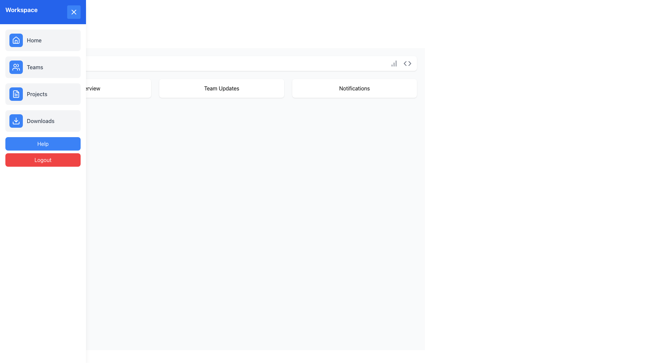 Image resolution: width=645 pixels, height=363 pixels. I want to click on the blue circular button with a white document icon located to the left of the text 'Projects', so click(16, 94).